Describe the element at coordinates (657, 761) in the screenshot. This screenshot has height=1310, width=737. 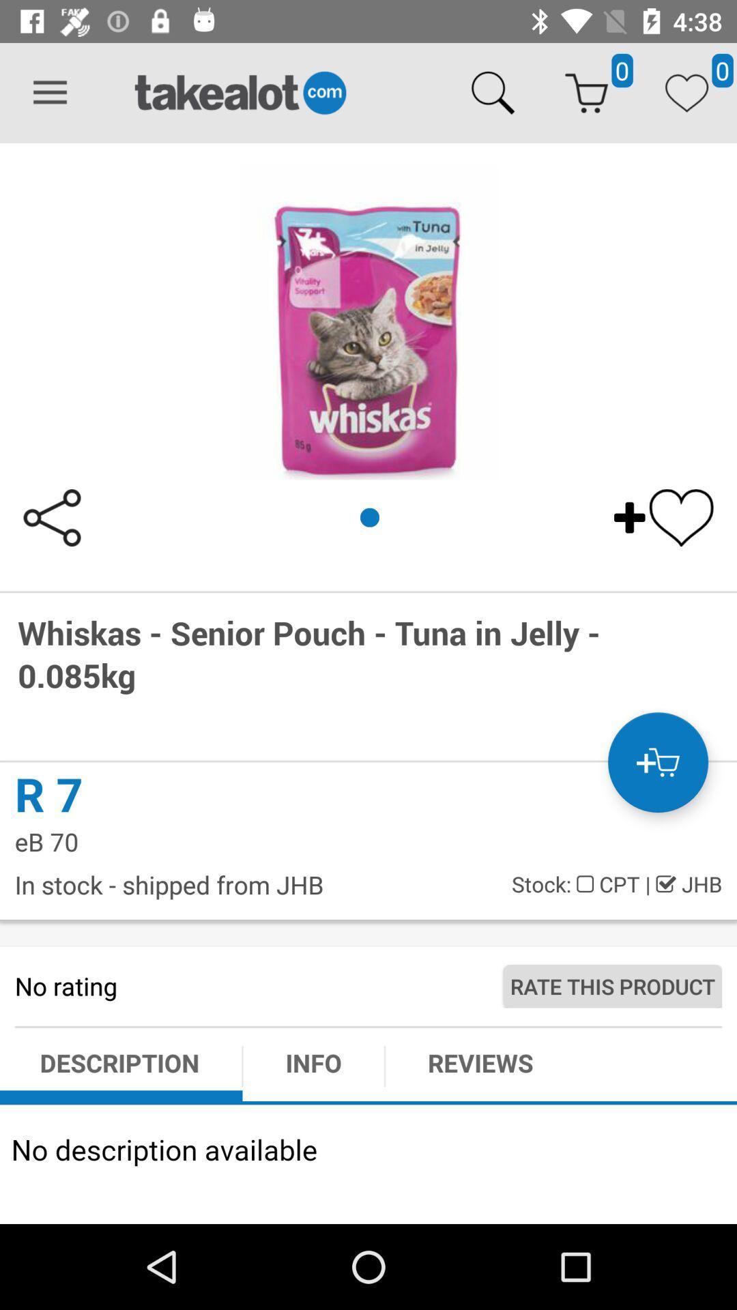
I see `the cart icon` at that location.